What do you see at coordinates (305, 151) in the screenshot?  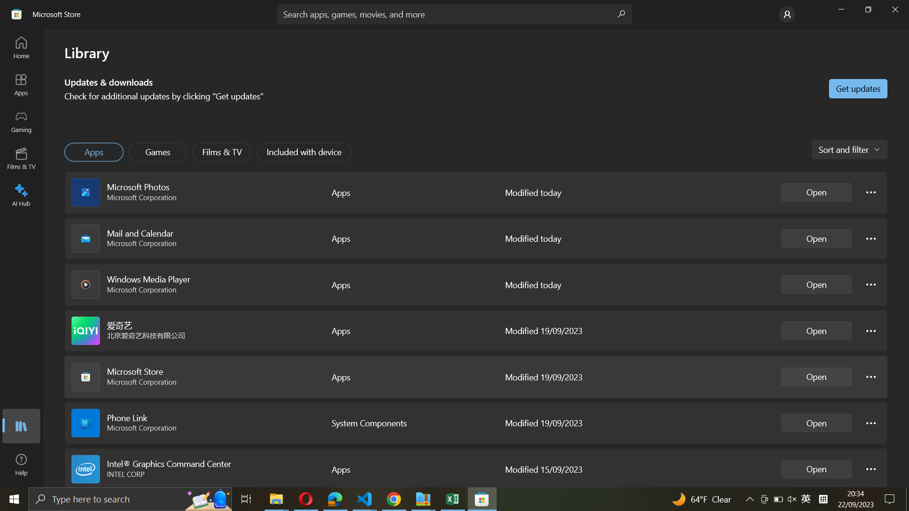 I see `Click the "Included with device" button on the screen` at bounding box center [305, 151].